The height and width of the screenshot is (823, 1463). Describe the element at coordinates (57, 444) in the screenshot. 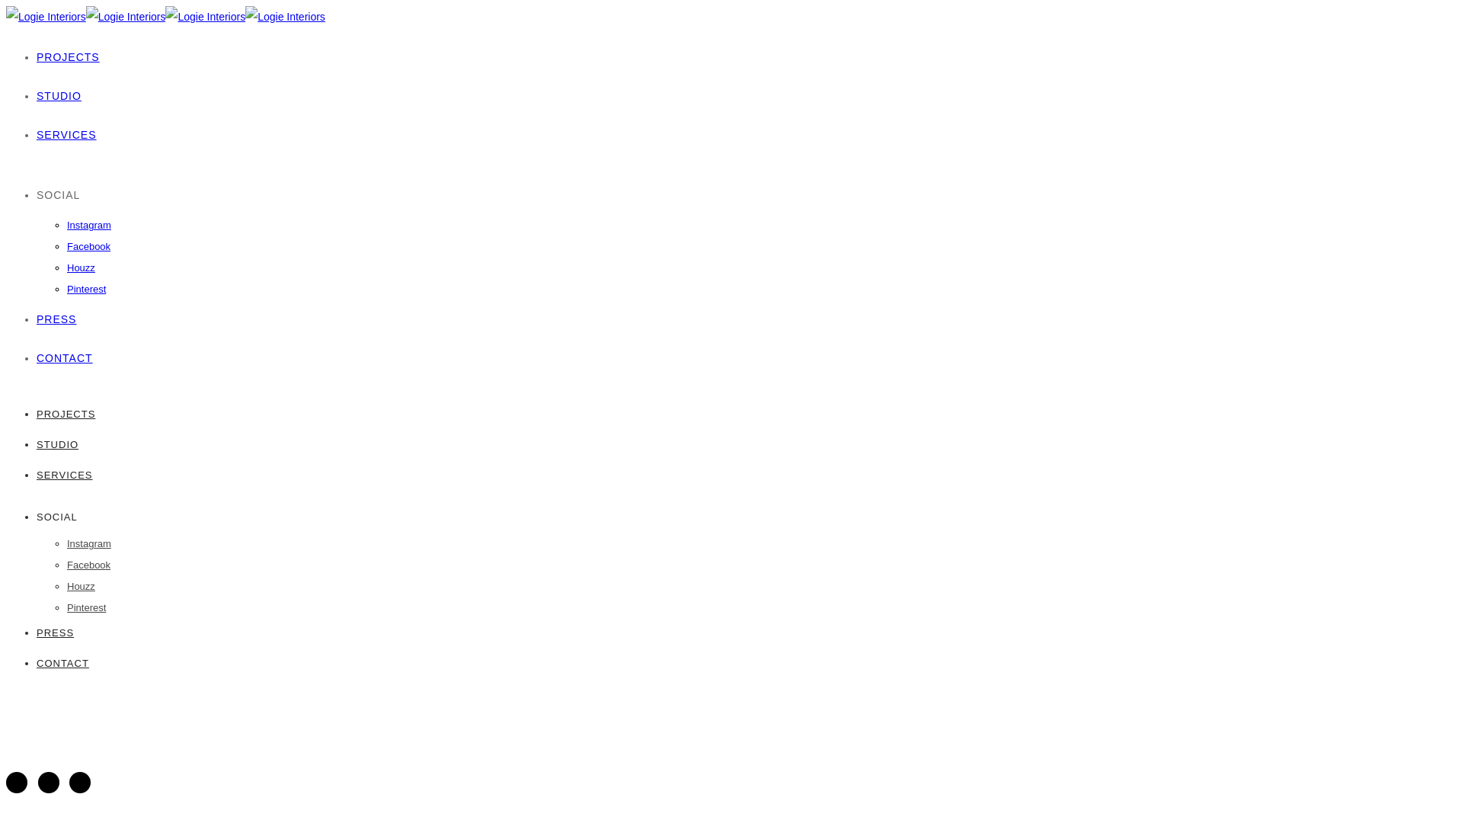

I see `'STUDIO'` at that location.